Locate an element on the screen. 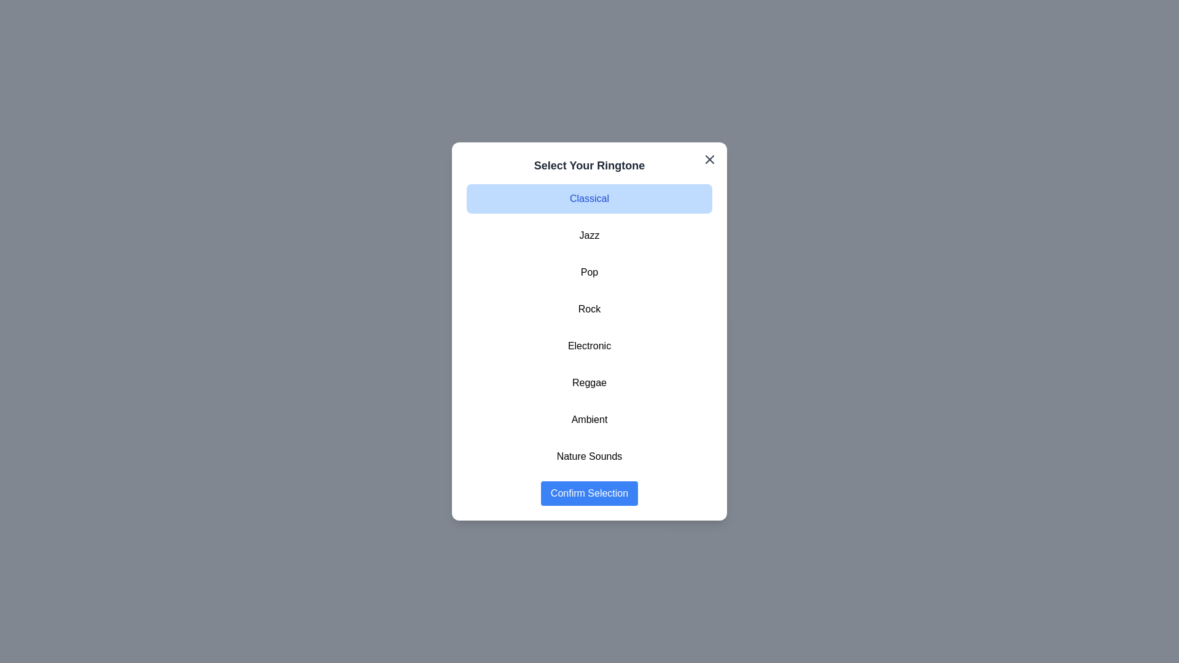 The width and height of the screenshot is (1179, 663). the ringtone Classical from the list is located at coordinates (589, 198).